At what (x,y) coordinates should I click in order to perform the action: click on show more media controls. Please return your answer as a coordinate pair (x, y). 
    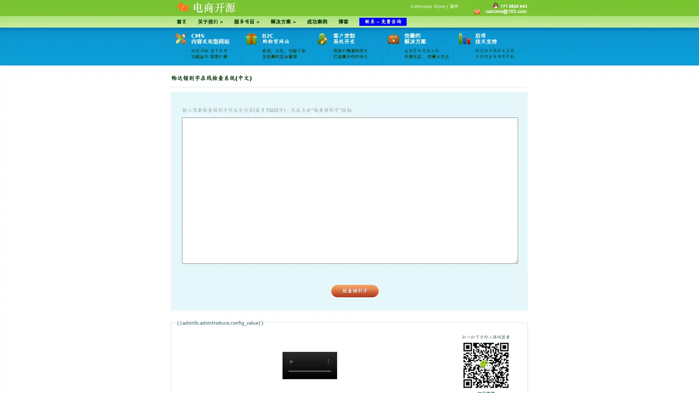
    Looking at the image, I should click on (328, 362).